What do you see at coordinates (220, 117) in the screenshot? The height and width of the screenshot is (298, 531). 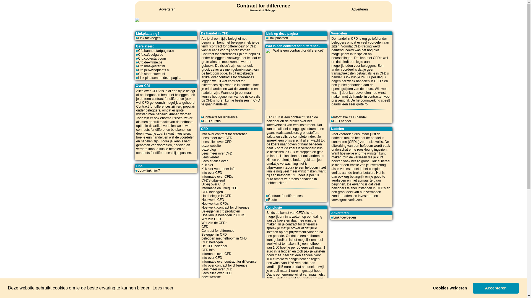 I see `'Contracts for difference'` at bounding box center [220, 117].